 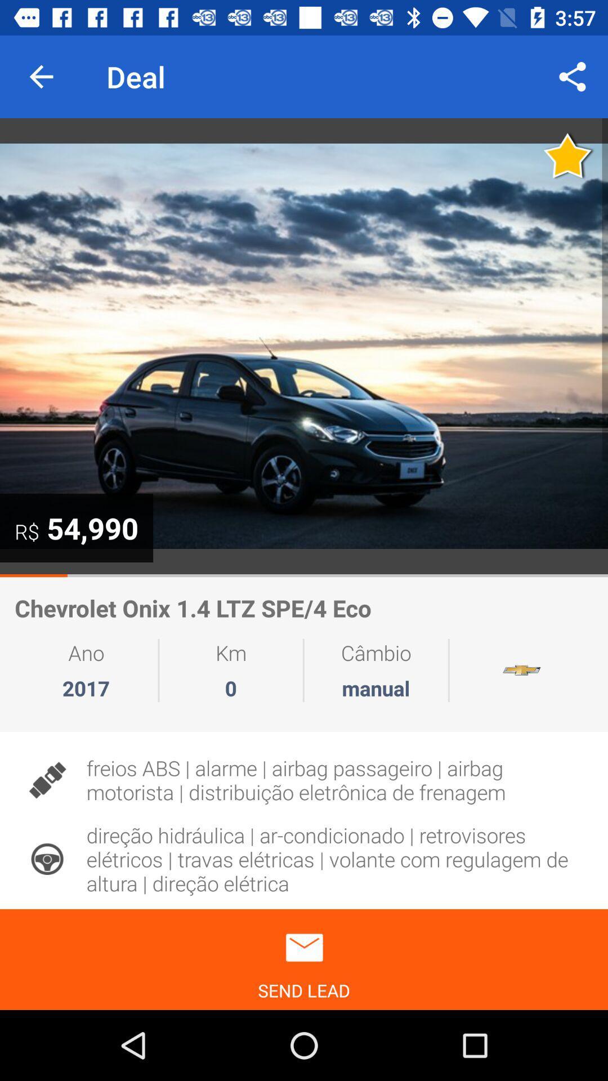 I want to click on autoplay option, so click(x=304, y=345).